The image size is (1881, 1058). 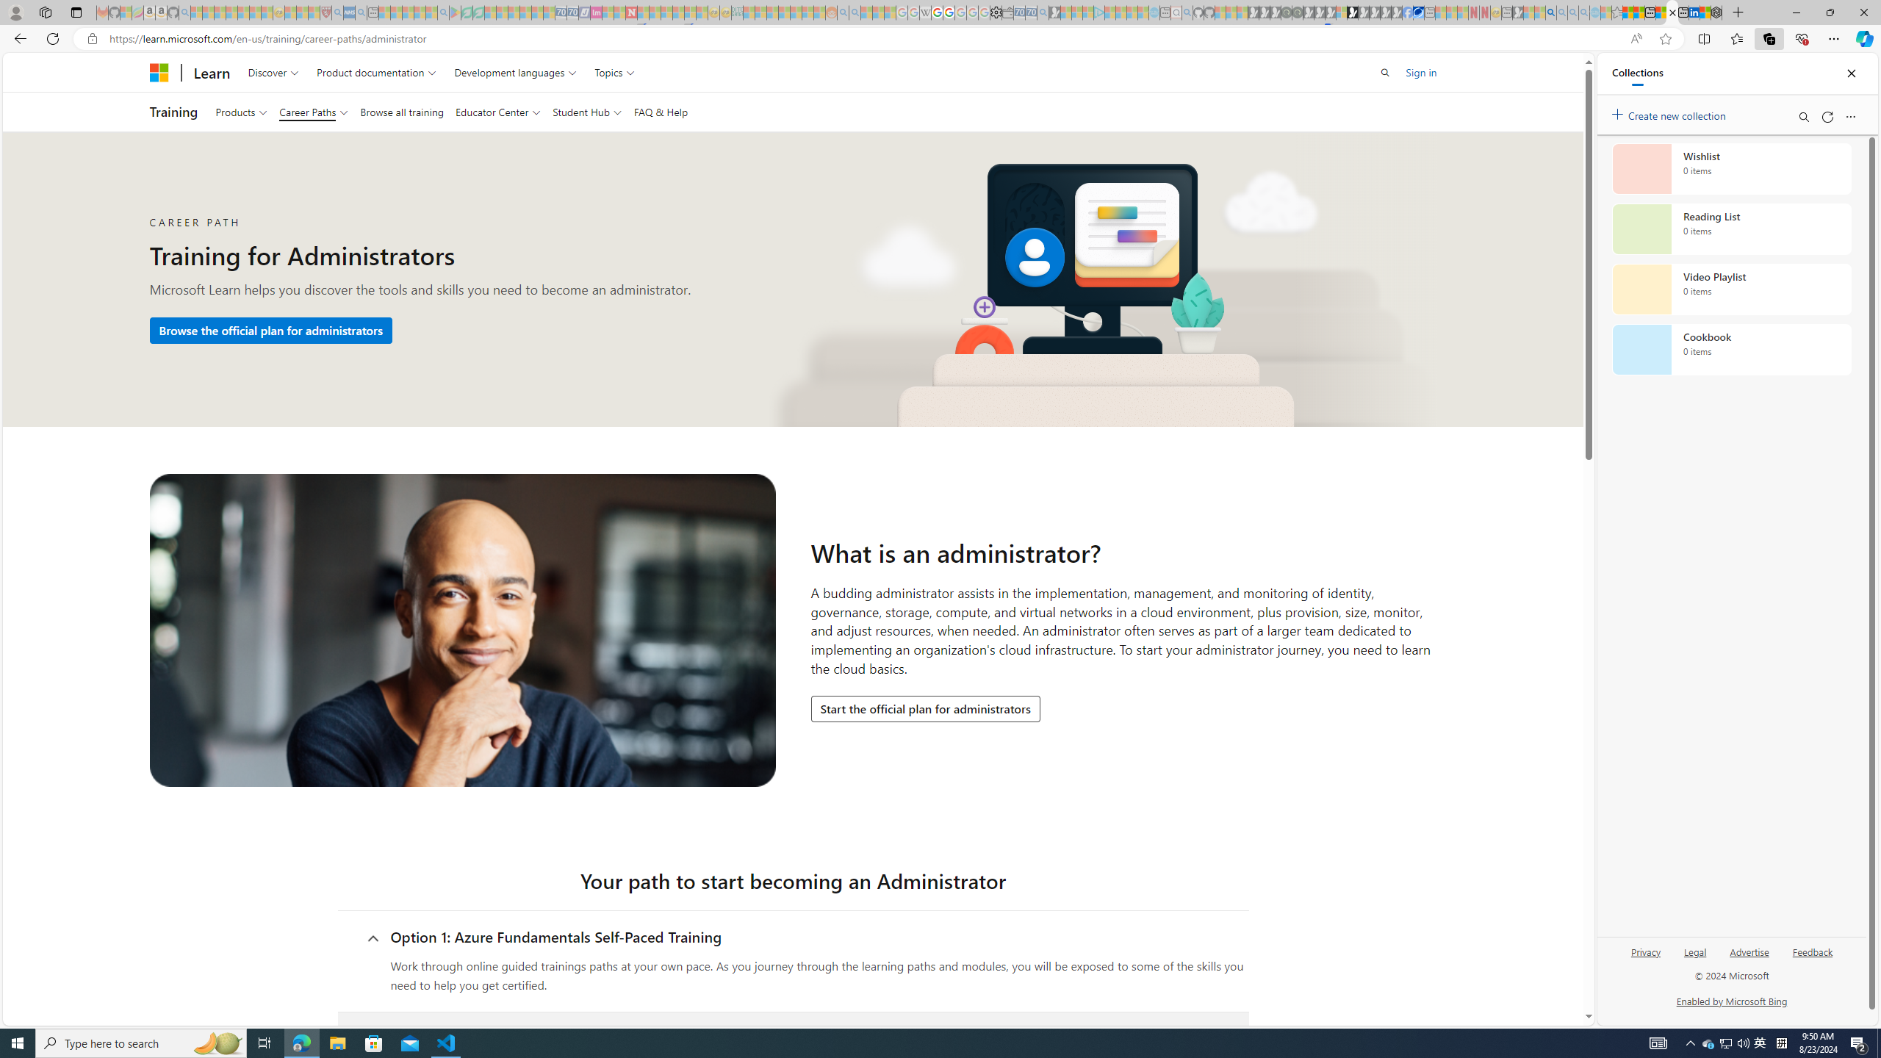 What do you see at coordinates (614, 71) in the screenshot?
I see `'Topics'` at bounding box center [614, 71].